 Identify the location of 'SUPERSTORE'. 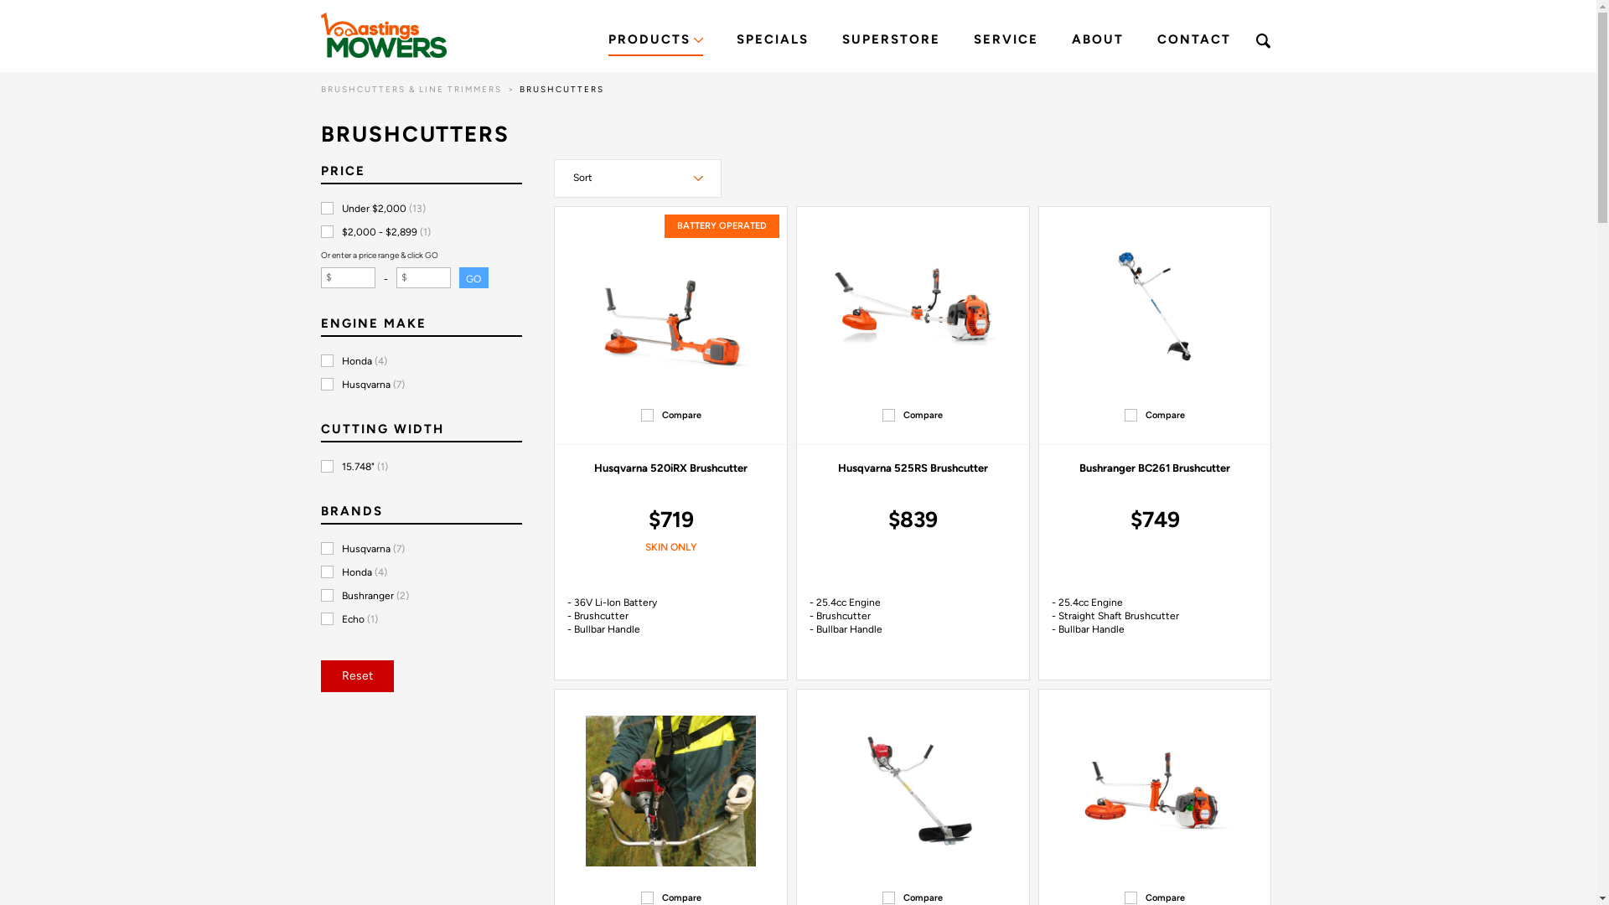
(889, 41).